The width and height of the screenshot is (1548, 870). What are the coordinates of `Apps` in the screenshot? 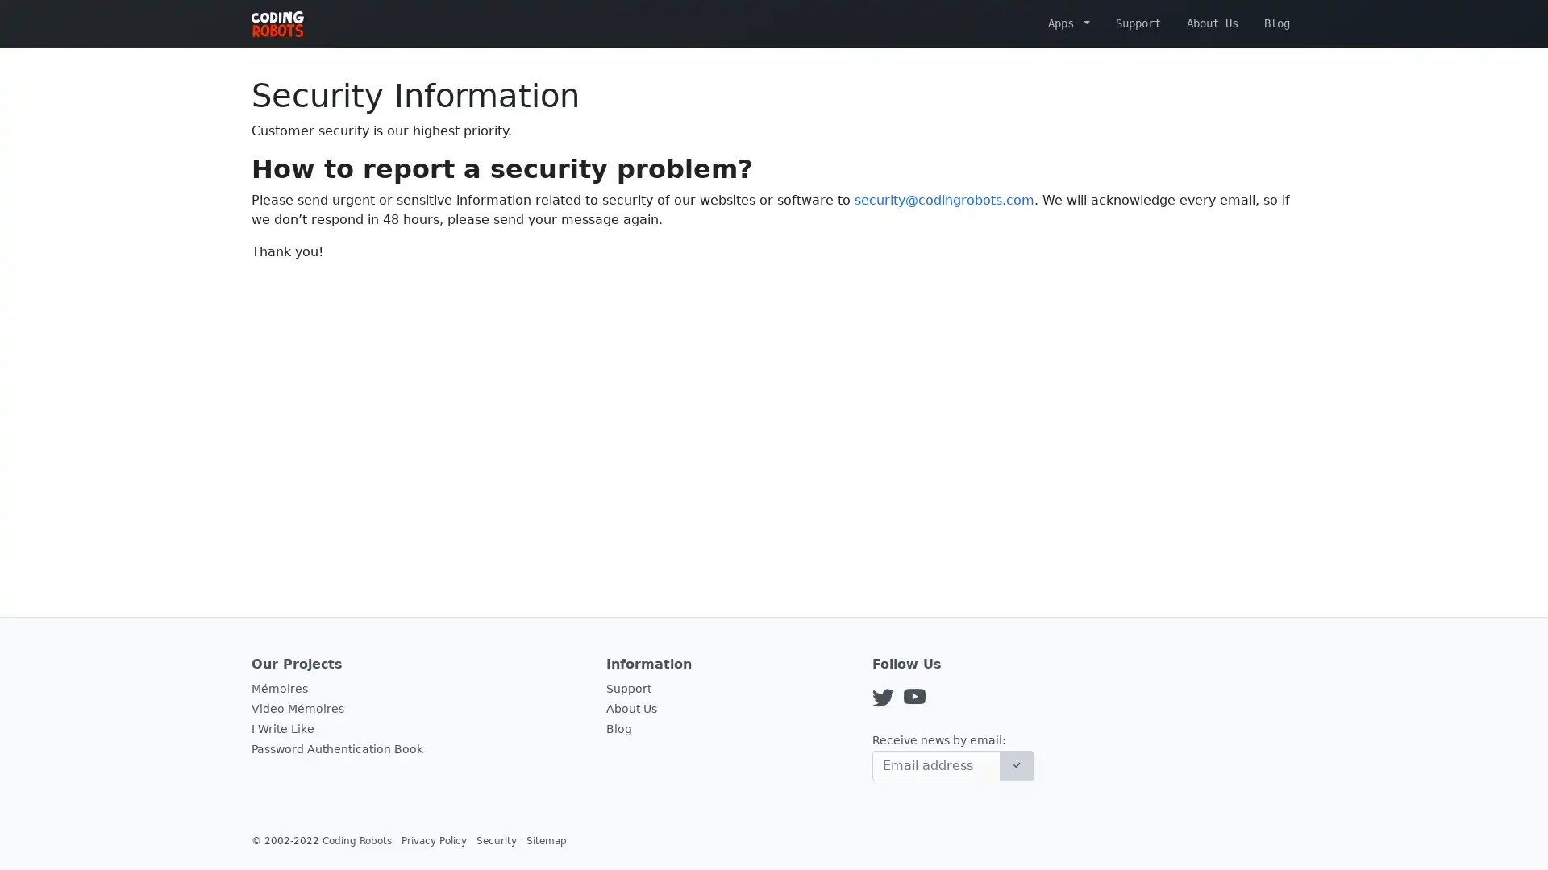 It's located at (1068, 23).